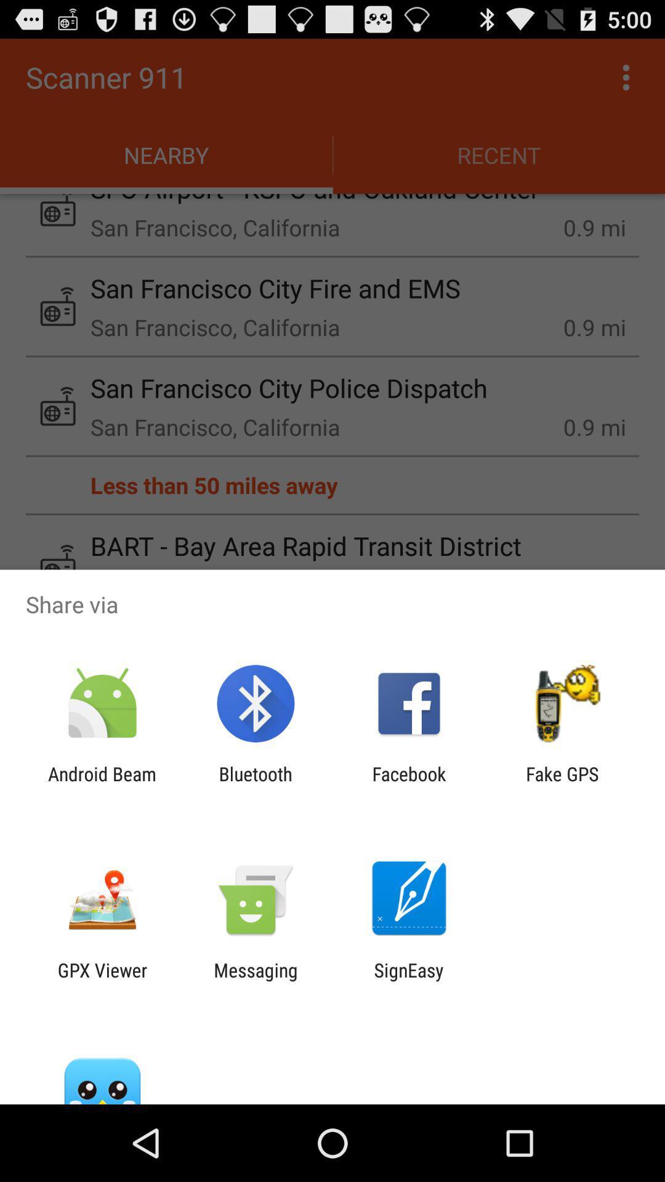 Image resolution: width=665 pixels, height=1182 pixels. Describe the element at coordinates (255, 980) in the screenshot. I see `the icon to the left of the signeasy icon` at that location.